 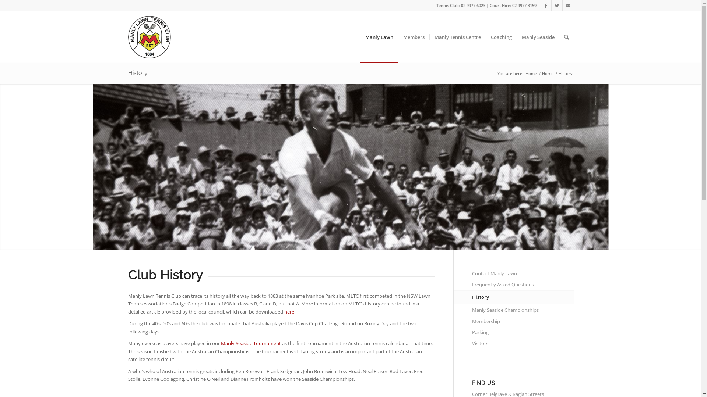 What do you see at coordinates (567, 6) in the screenshot?
I see `'Mail'` at bounding box center [567, 6].